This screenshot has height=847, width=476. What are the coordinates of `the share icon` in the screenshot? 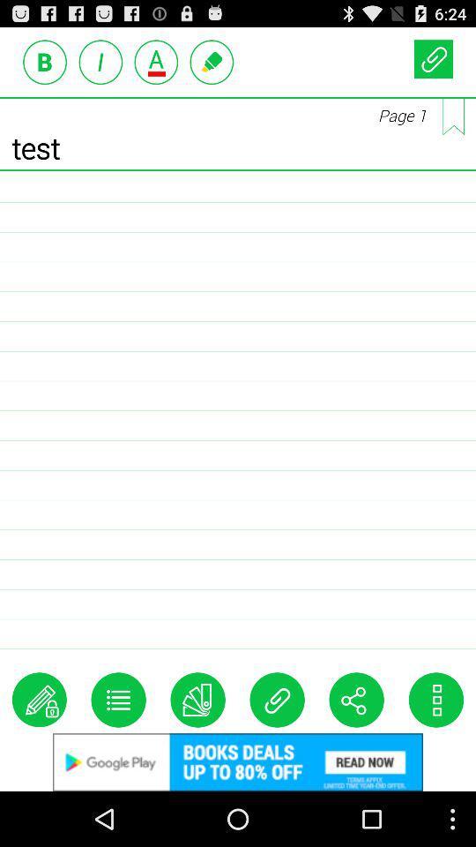 It's located at (356, 748).